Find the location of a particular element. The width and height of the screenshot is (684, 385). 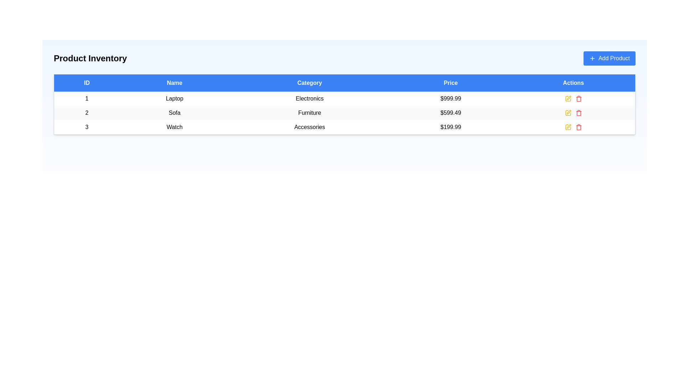

the delete action button icon located in the Actions column of the first row in the data table is located at coordinates (578, 99).